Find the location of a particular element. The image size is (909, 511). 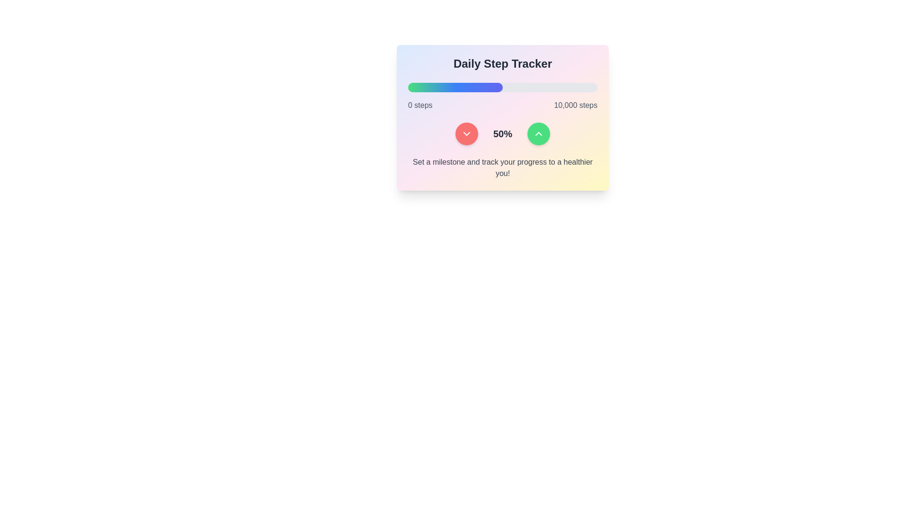

the chevron icon within the green circular button that indicates upward navigation, located to the right of a red circular button is located at coordinates (538, 133).